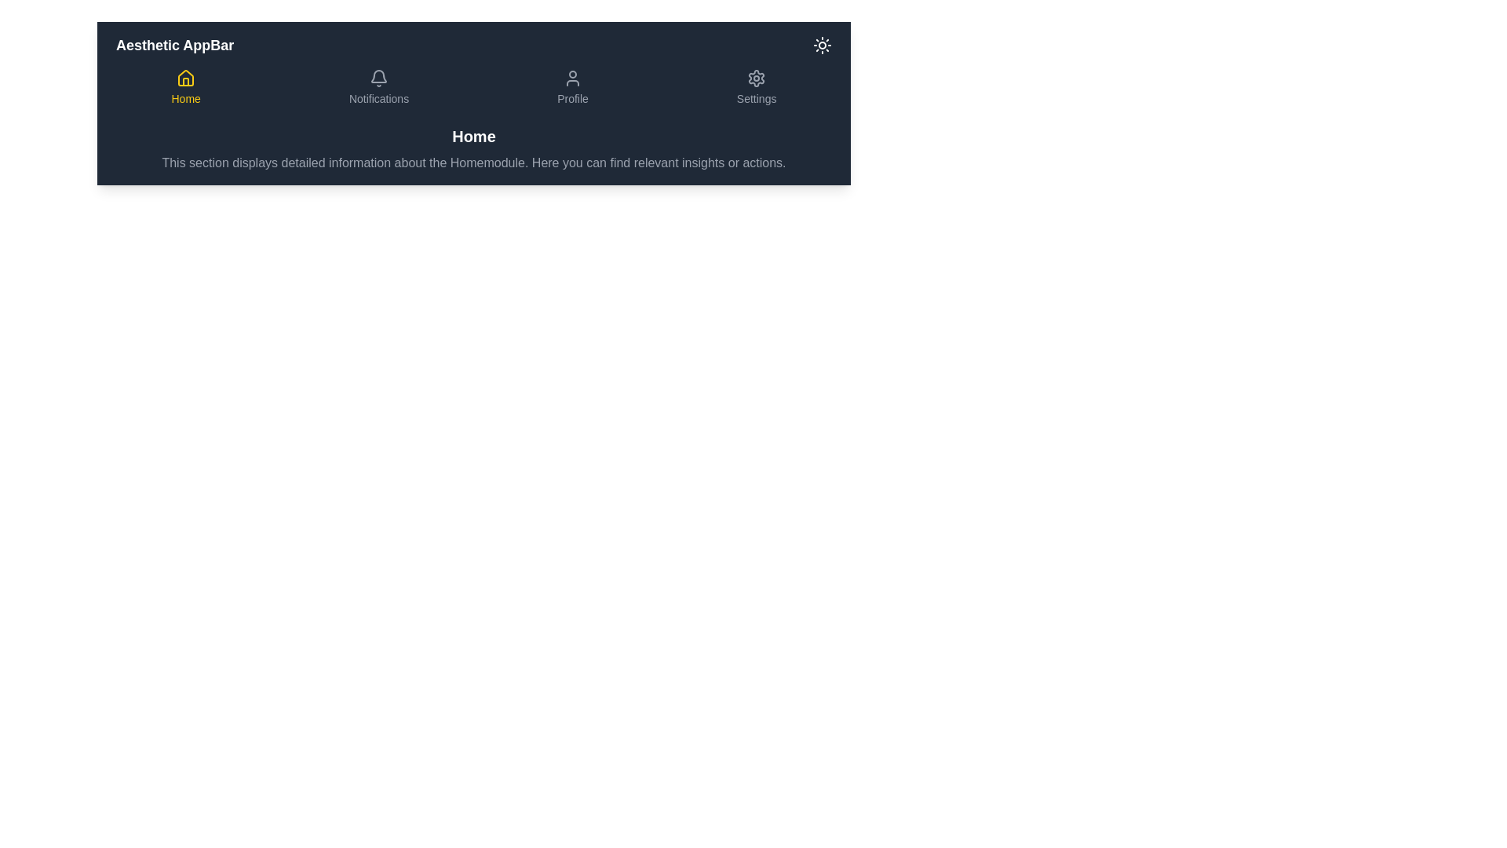 This screenshot has width=1507, height=848. I want to click on the tab labeled Settings to view its detailed information, so click(757, 87).